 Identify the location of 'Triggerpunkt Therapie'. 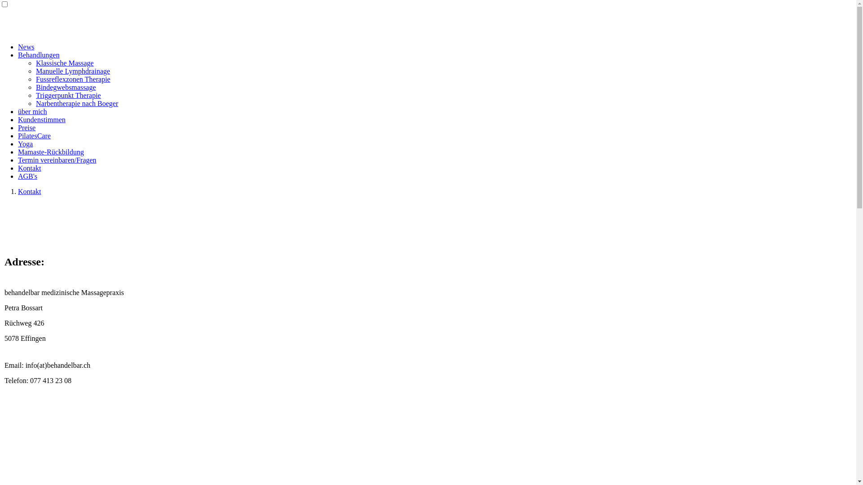
(68, 95).